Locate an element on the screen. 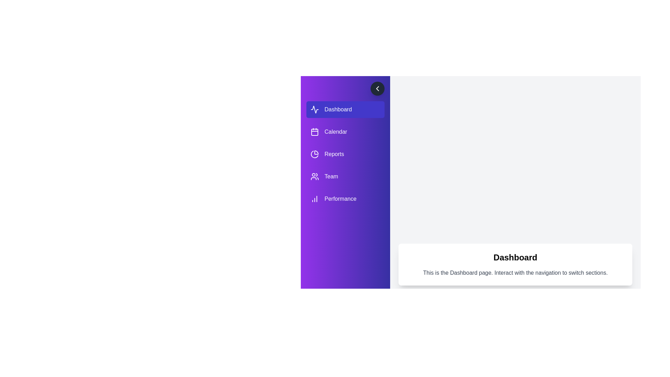  the navigation item labeled Dashboard is located at coordinates (345, 109).